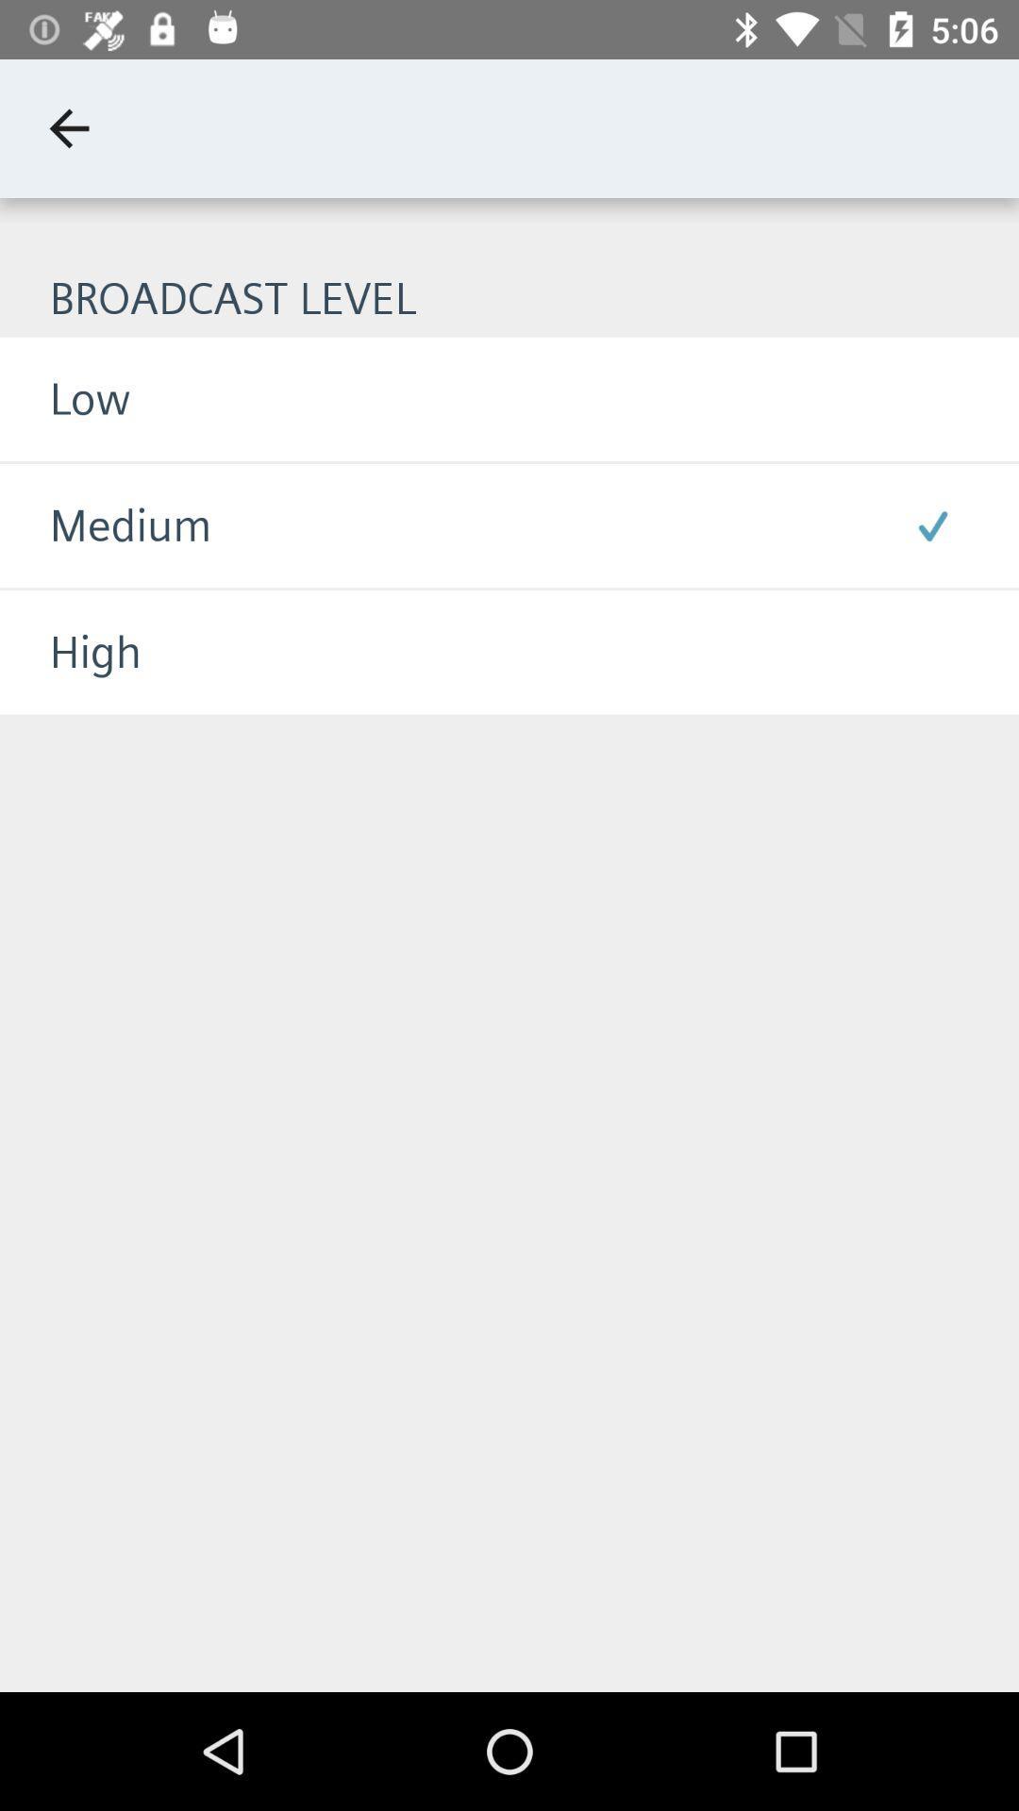 This screenshot has height=1811, width=1019. What do you see at coordinates (106, 525) in the screenshot?
I see `the medium icon` at bounding box center [106, 525].